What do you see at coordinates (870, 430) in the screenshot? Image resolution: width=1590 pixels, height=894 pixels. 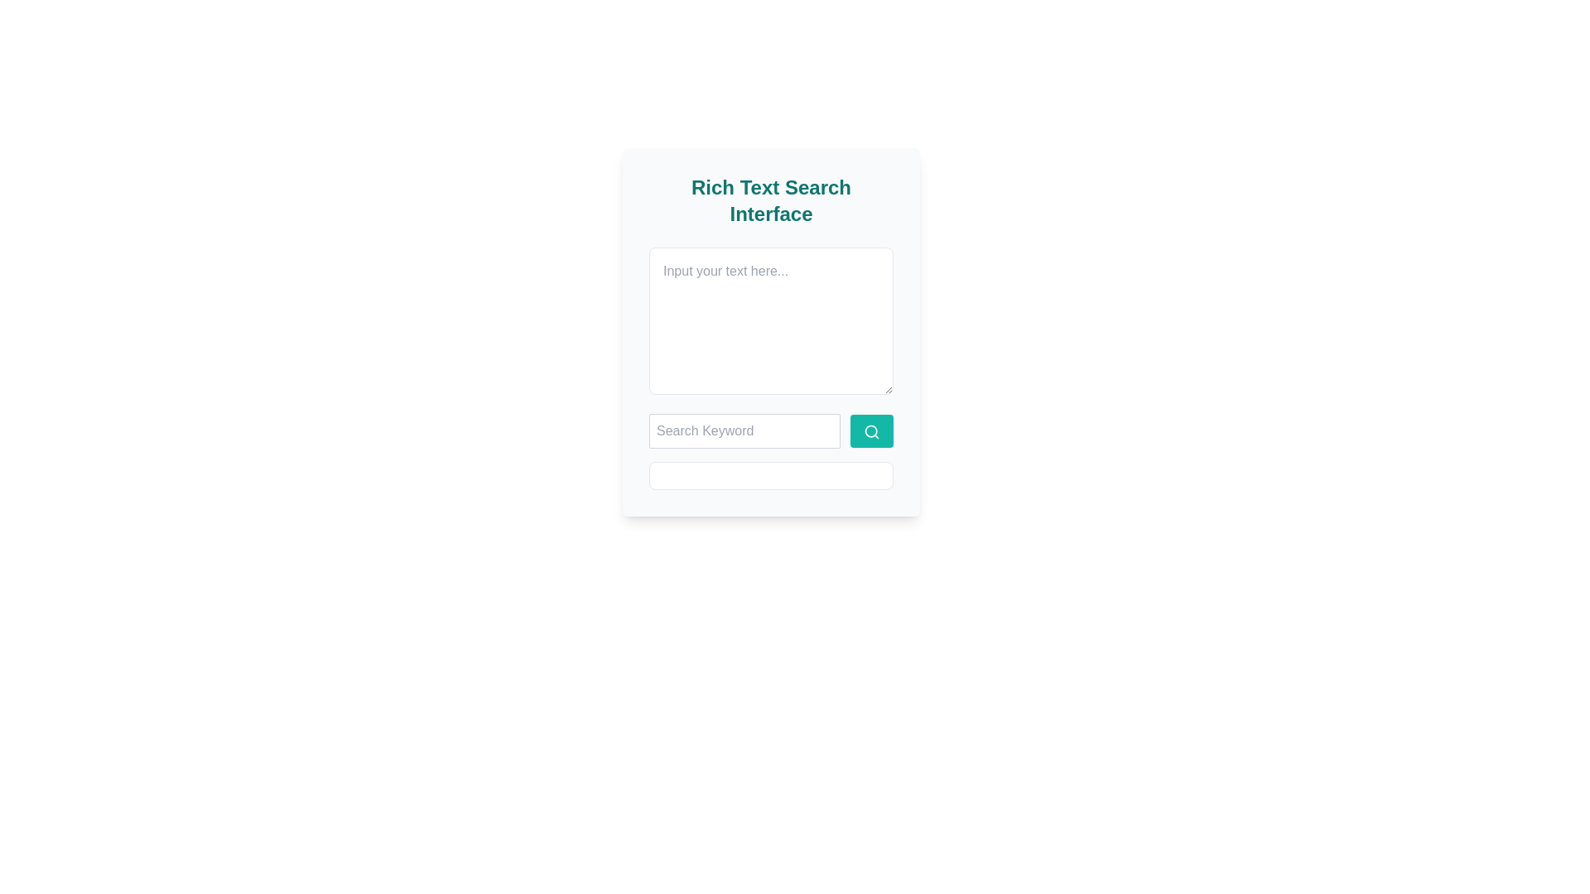 I see `the search icon located inside the button to the right of the 'Search Keyword' input field` at bounding box center [870, 430].